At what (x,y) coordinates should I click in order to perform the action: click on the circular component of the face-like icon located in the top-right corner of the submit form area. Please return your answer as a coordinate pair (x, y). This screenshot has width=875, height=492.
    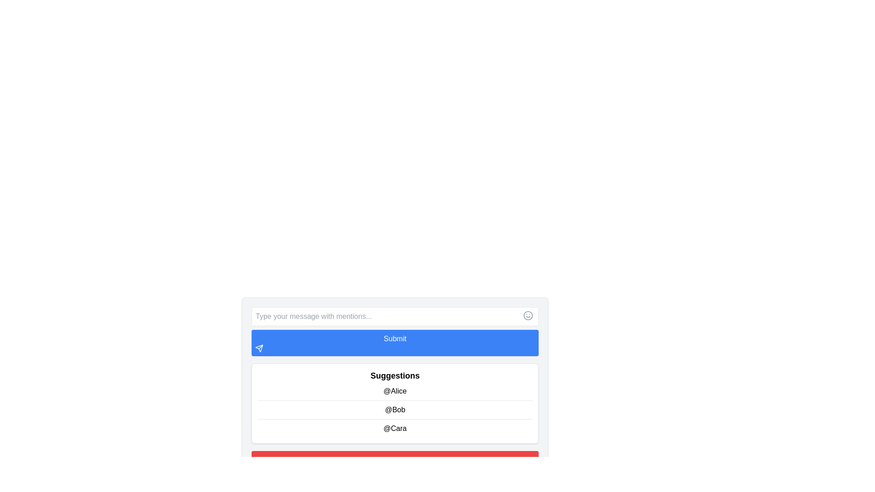
    Looking at the image, I should click on (528, 315).